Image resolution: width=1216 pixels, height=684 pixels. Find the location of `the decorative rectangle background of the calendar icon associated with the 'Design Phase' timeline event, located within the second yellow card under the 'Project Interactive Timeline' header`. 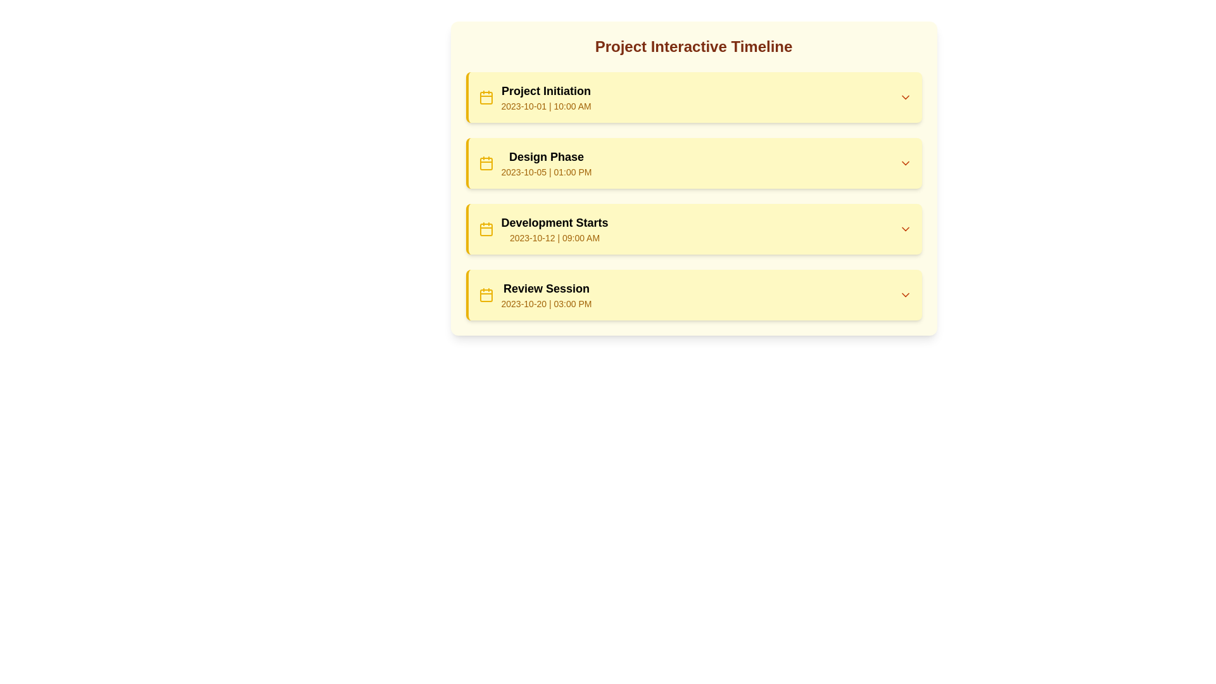

the decorative rectangle background of the calendar icon associated with the 'Design Phase' timeline event, located within the second yellow card under the 'Project Interactive Timeline' header is located at coordinates (485, 163).